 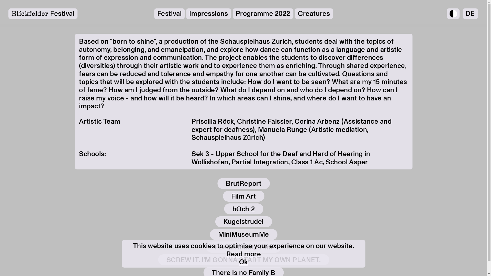 I want to click on 'Ok', so click(x=243, y=262).